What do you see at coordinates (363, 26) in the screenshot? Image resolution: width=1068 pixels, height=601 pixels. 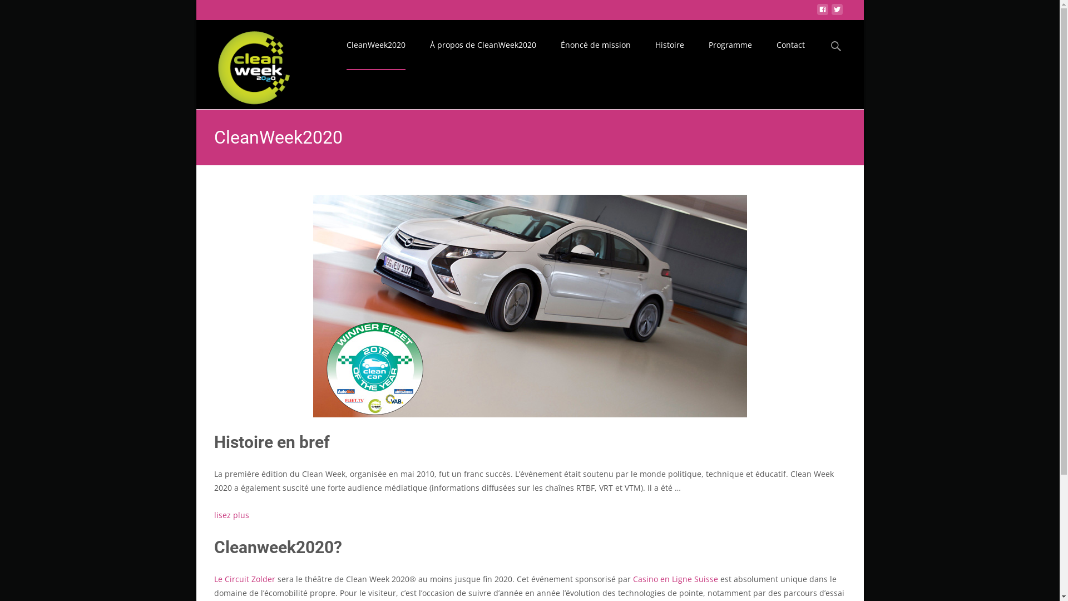 I see `'Skip to content'` at bounding box center [363, 26].